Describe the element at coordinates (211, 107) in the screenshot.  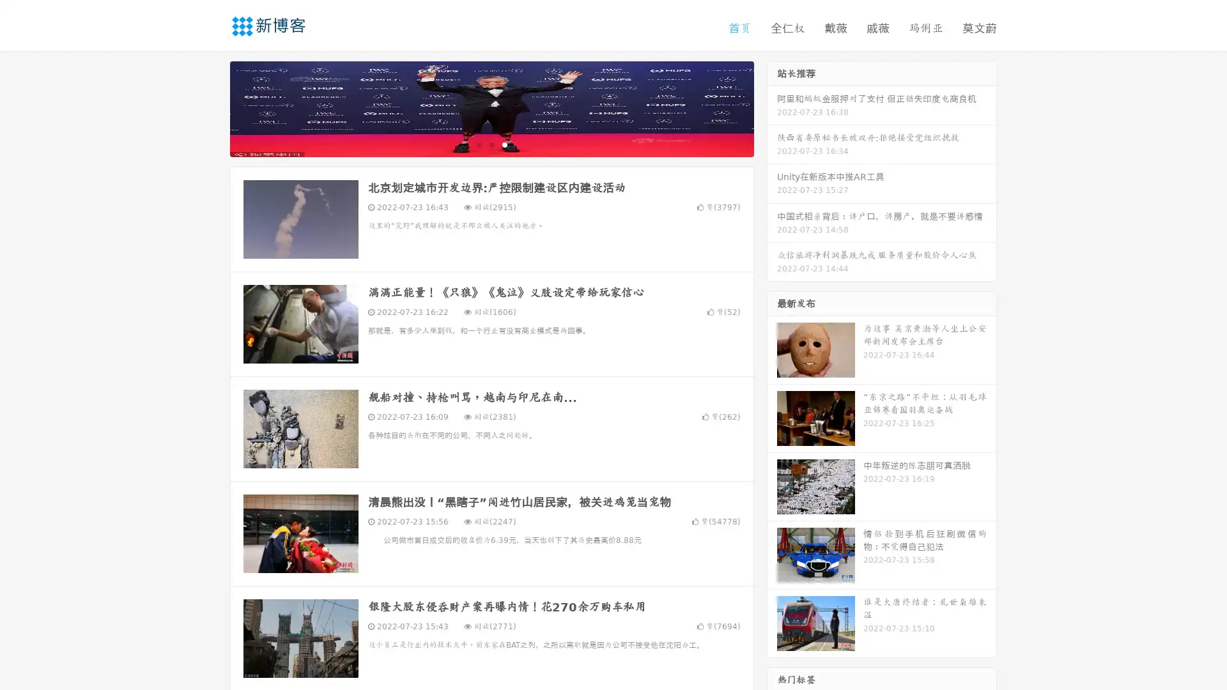
I see `Previous slide` at that location.